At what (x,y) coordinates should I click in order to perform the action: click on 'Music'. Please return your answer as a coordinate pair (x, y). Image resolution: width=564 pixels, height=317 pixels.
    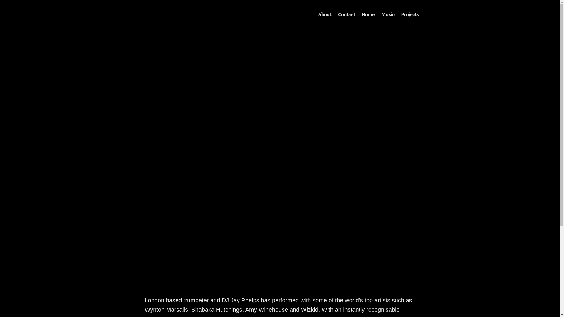
    Looking at the image, I should click on (388, 14).